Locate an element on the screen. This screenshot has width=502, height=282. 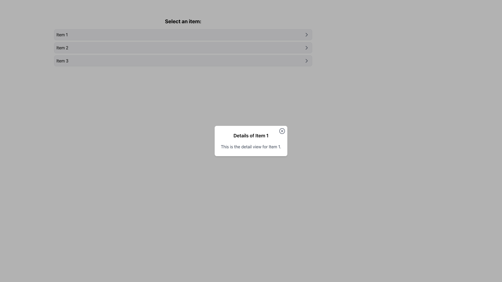
the text label that reads 'Details of Item 1', which is styled in bold and larger font, located in a white rectangular dialog box with rounded corners is located at coordinates (251, 136).